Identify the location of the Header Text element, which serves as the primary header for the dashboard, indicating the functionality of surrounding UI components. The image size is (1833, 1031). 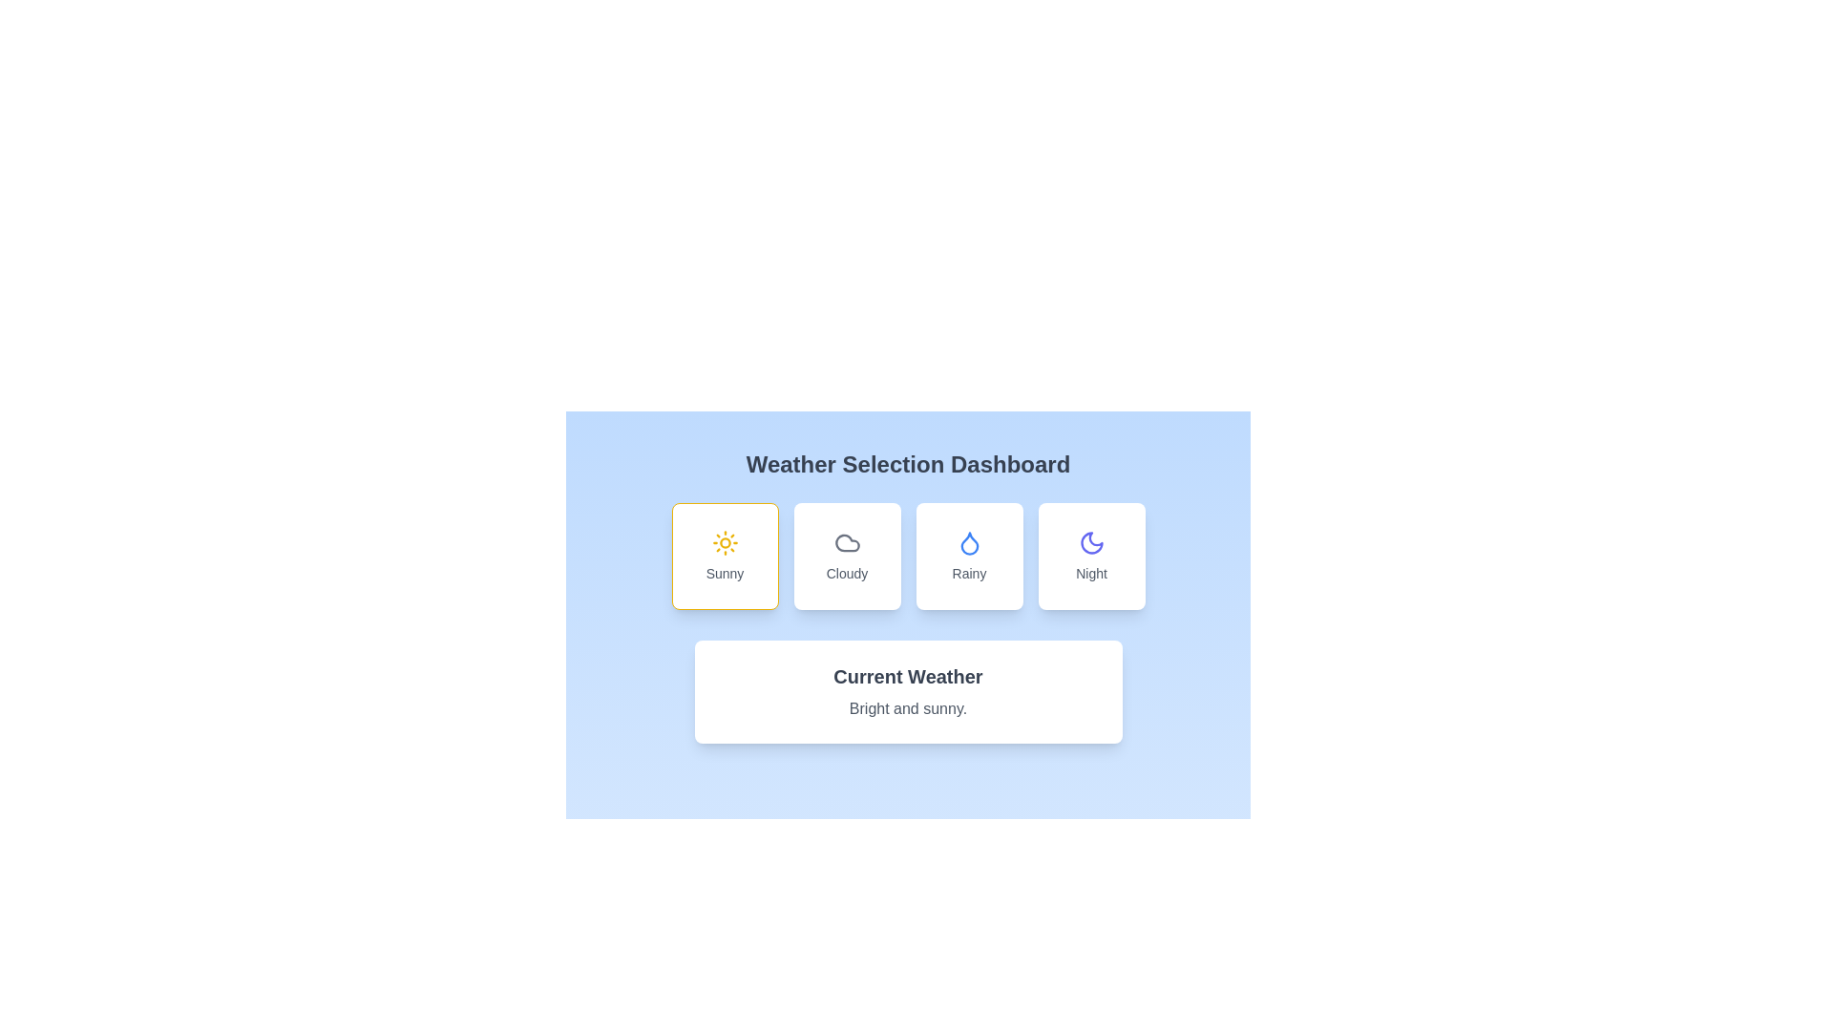
(907, 464).